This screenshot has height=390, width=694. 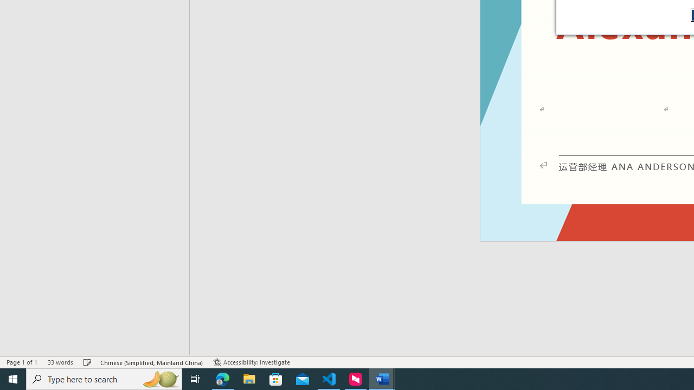 What do you see at coordinates (222, 378) in the screenshot?
I see `'Microsoft Edge - 1 running window'` at bounding box center [222, 378].